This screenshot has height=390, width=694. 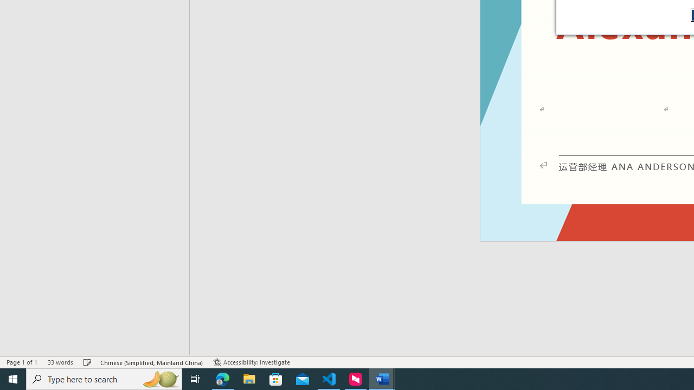 What do you see at coordinates (222, 378) in the screenshot?
I see `'Microsoft Edge - 1 running window'` at bounding box center [222, 378].